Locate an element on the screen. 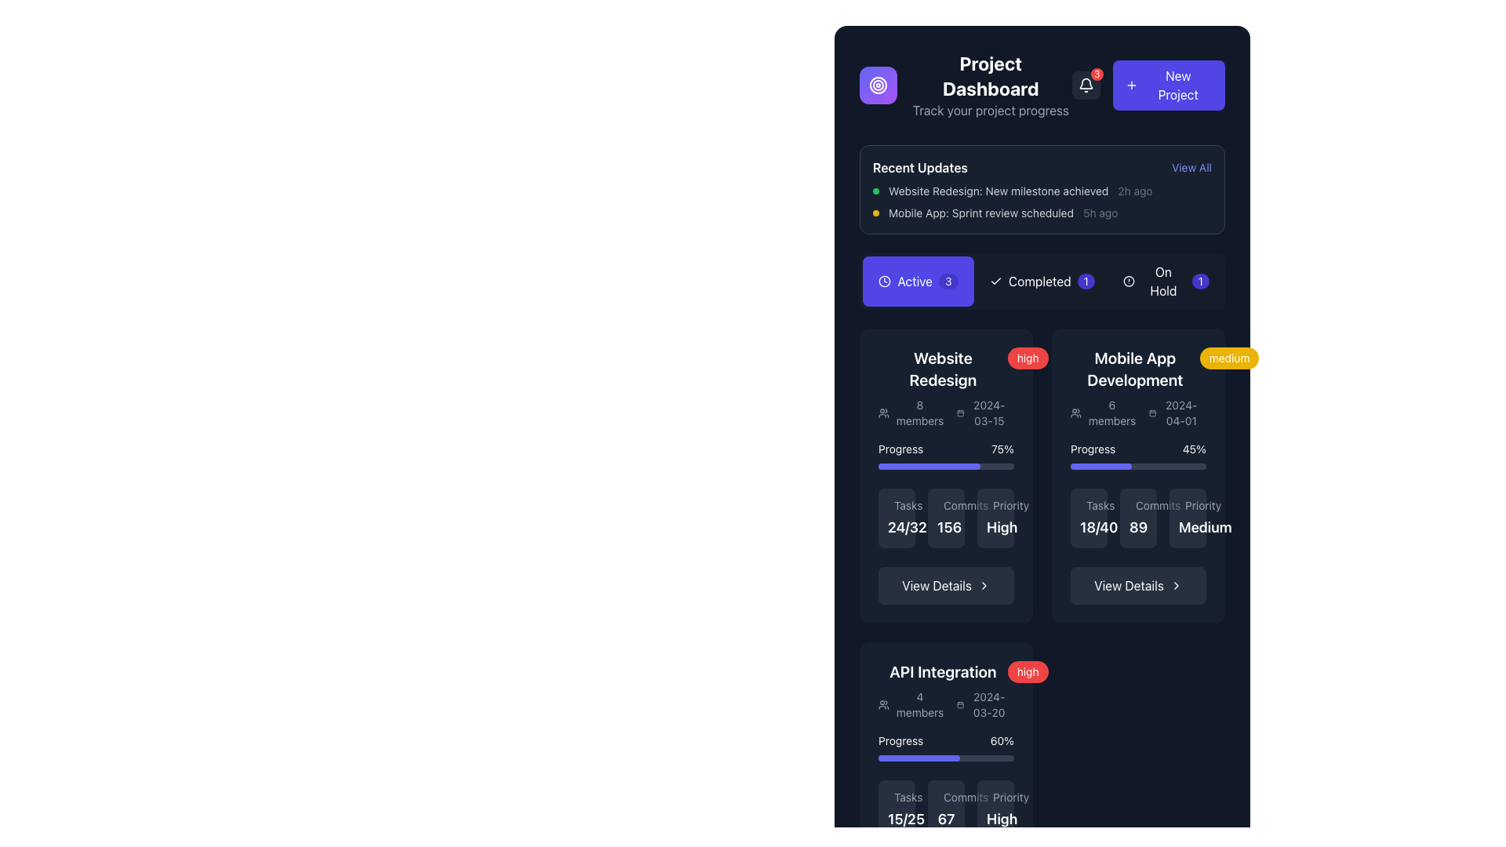  the Text element that conveys a summary or title of an update located in the 'Recent Updates' section, positioned to the left of the timestamp and to the right of a green circular badge is located at coordinates (998, 190).